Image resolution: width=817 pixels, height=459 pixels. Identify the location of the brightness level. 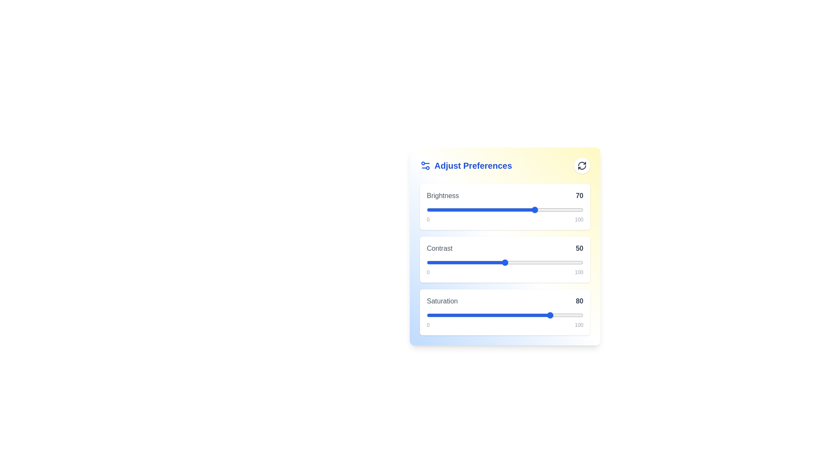
(456, 210).